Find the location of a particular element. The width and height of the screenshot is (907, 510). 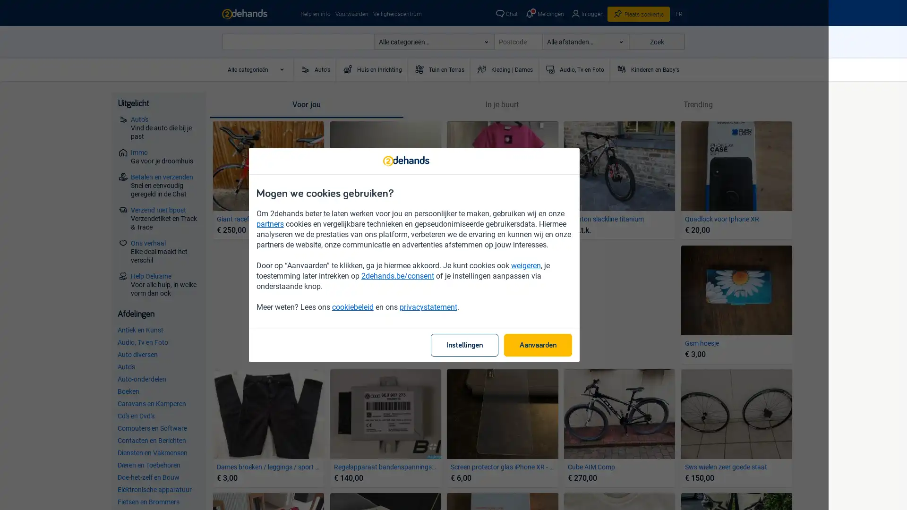

Aanvaarden is located at coordinates (577, 345).